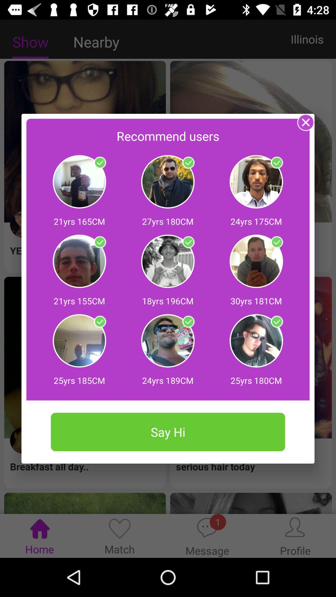 The width and height of the screenshot is (336, 597). I want to click on click symbol, so click(100, 242).